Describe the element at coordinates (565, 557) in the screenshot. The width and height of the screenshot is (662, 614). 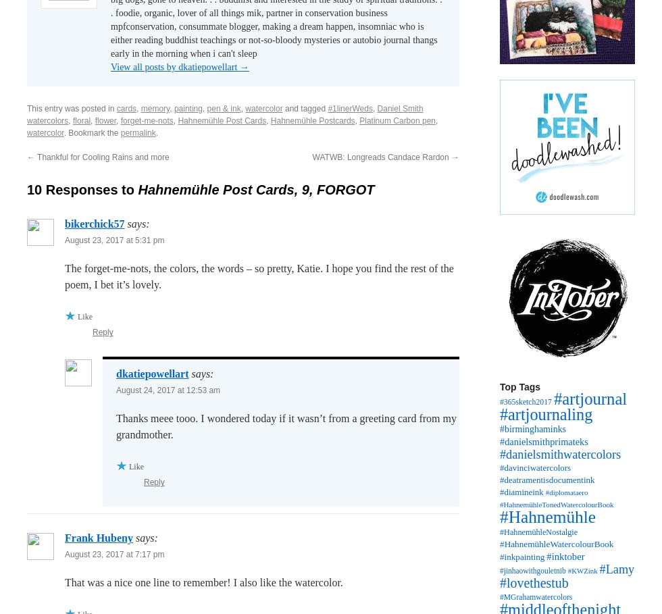
I see `'#inktober'` at that location.